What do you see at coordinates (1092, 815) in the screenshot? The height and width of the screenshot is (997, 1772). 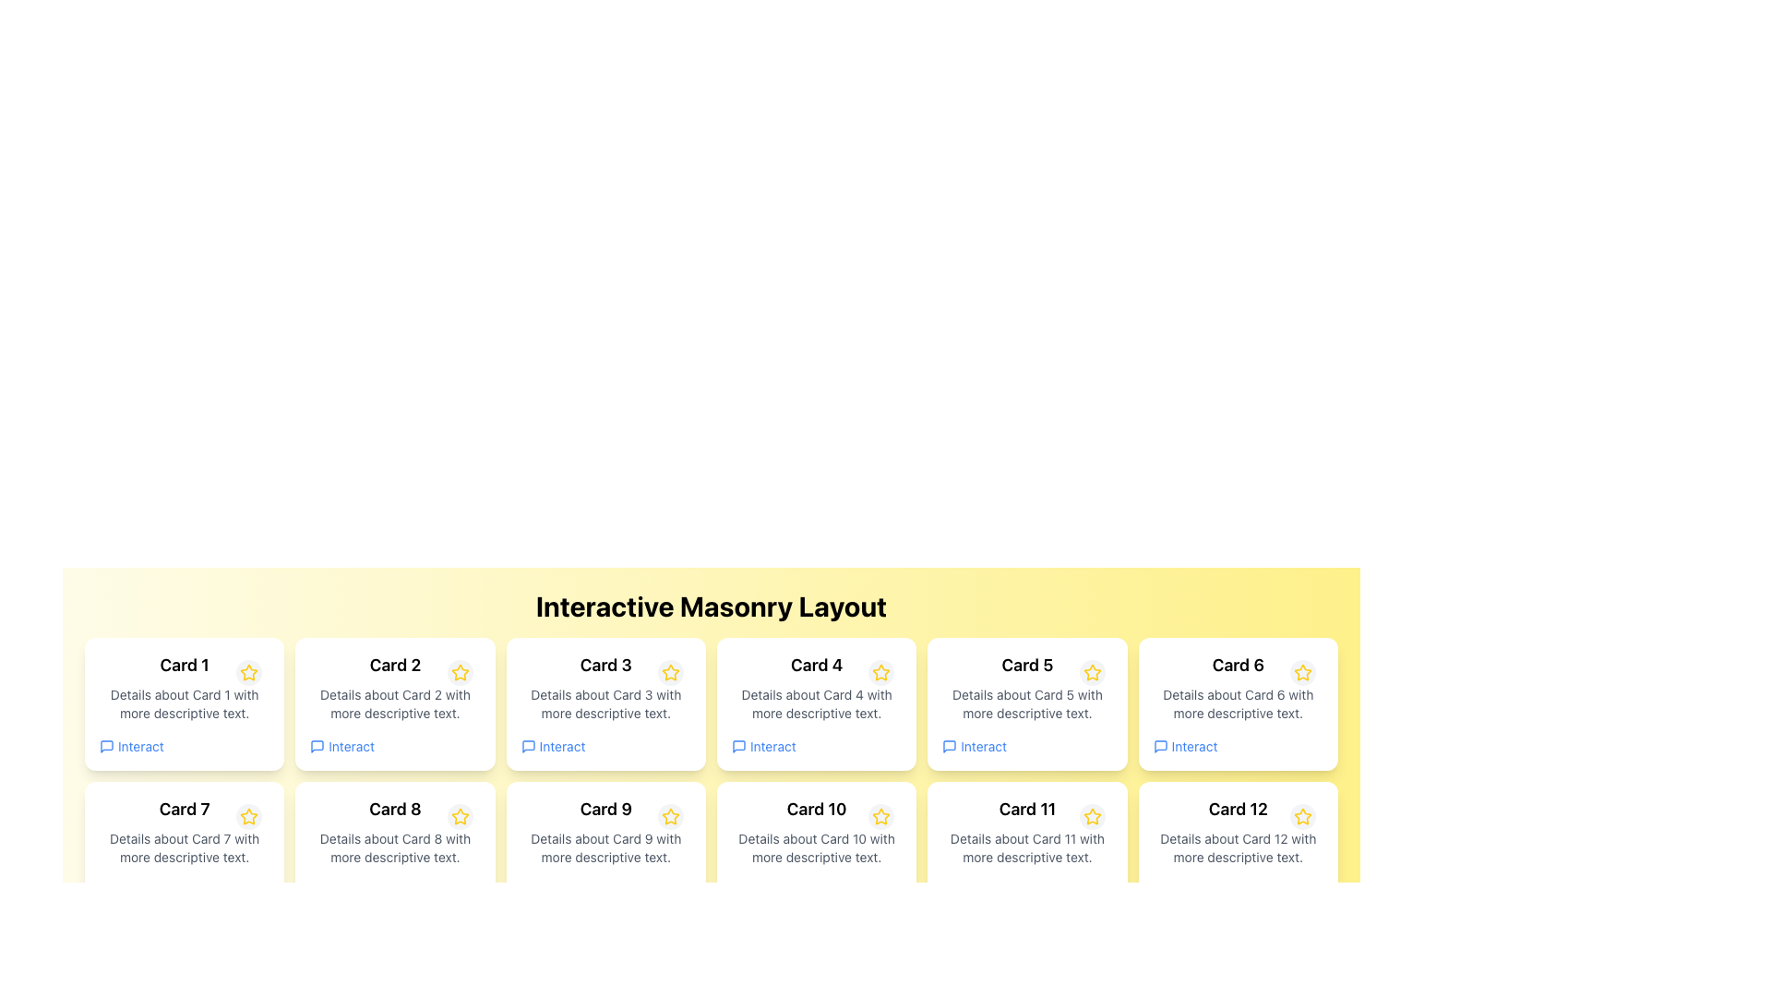 I see `the star icon located in the top-right corner of 'Card 11'` at bounding box center [1092, 815].